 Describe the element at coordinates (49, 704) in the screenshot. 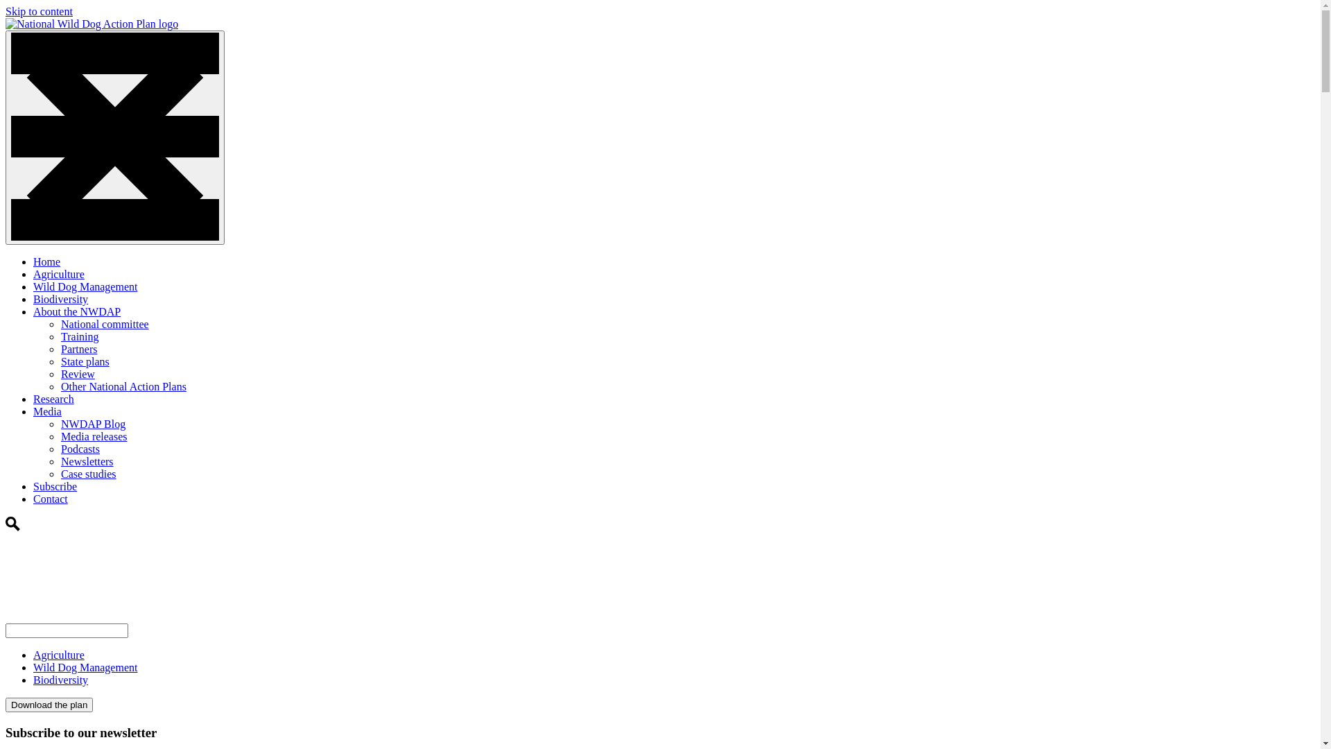

I see `'Download the plan'` at that location.